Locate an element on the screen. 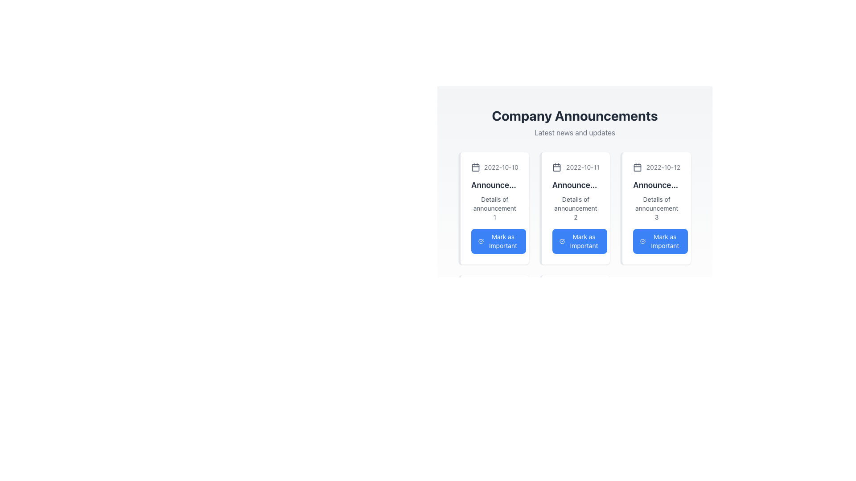 Image resolution: width=856 pixels, height=481 pixels. date displayed in the text element showing '2022-10-11' located in the top section of the second card in a horizontally aligned grid of three cards is located at coordinates (583, 167).